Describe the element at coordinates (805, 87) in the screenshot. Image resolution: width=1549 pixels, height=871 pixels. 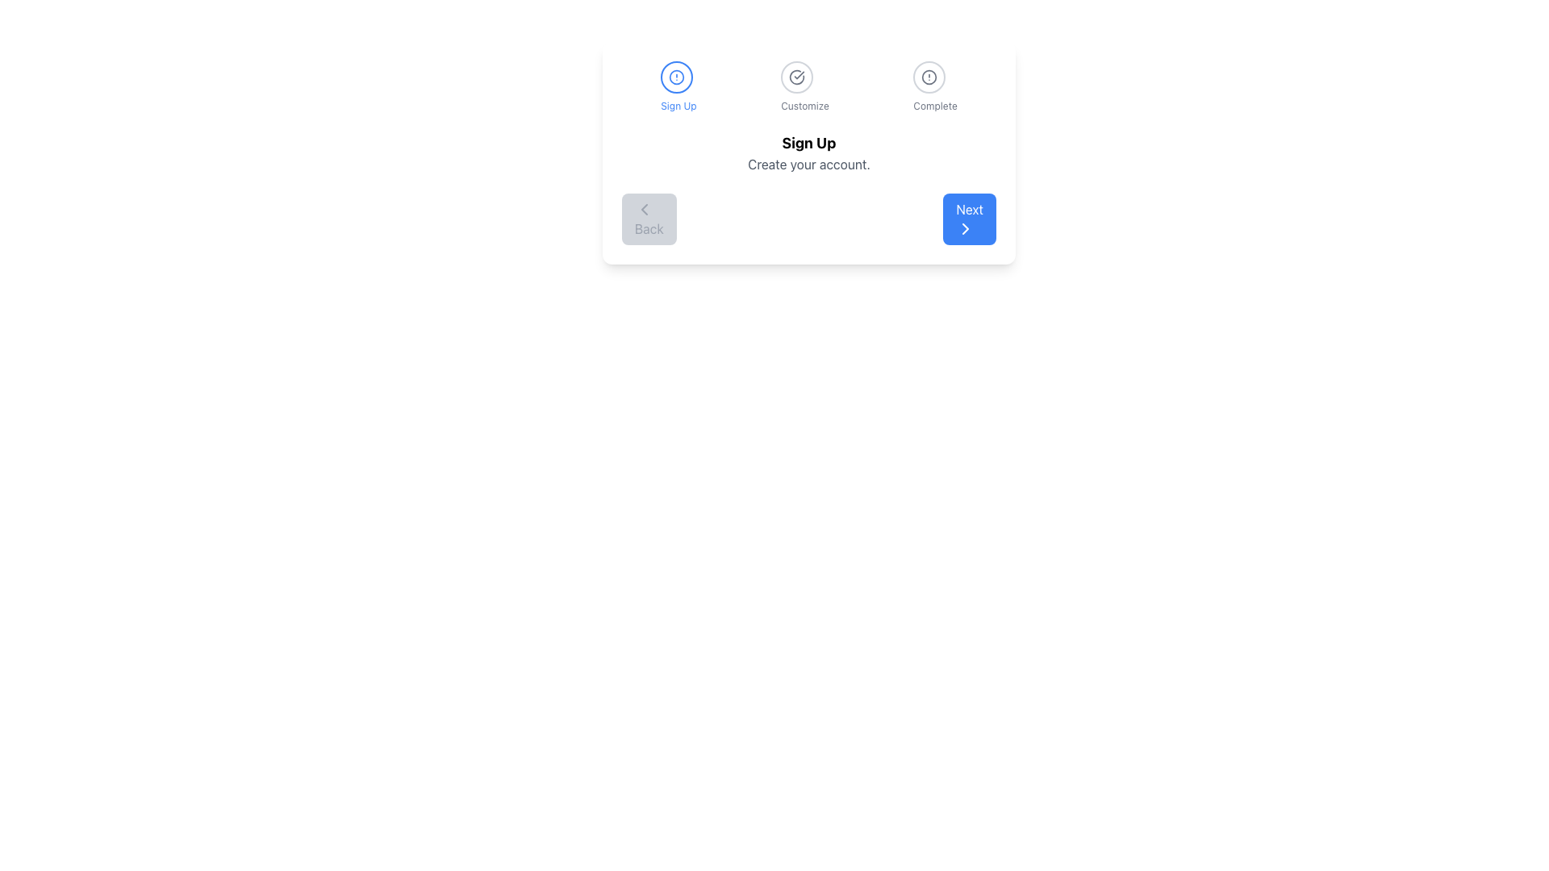
I see `the status represented by the 'Customize' button, which features a checkmark icon and gray text below it, positioned centrally between 'Sign Up' and 'Complete'` at that location.